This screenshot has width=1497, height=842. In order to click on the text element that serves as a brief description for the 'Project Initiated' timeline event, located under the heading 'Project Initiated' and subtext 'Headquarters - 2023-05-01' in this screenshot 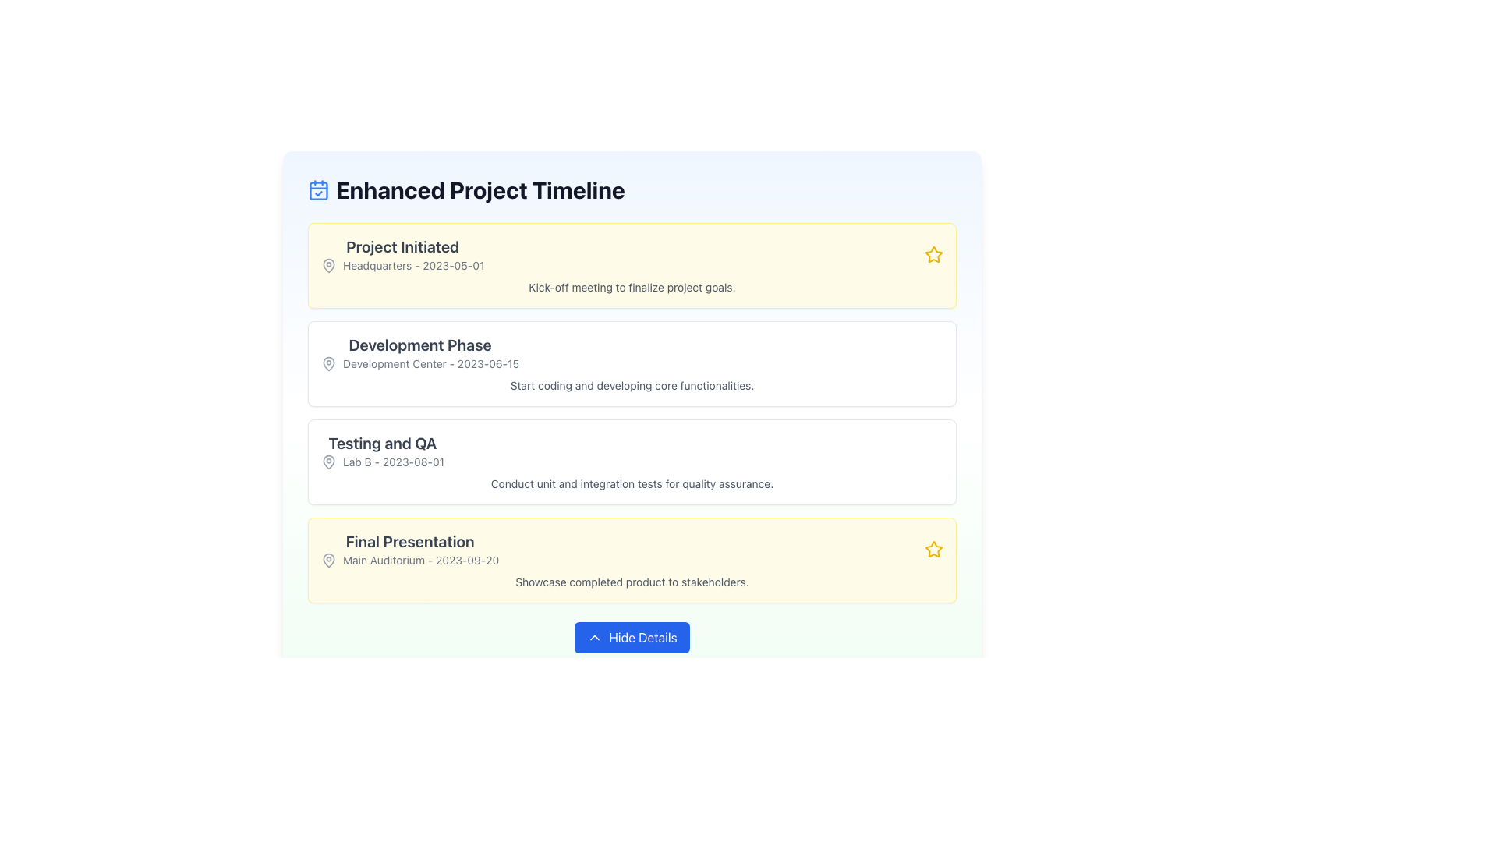, I will do `click(632, 288)`.